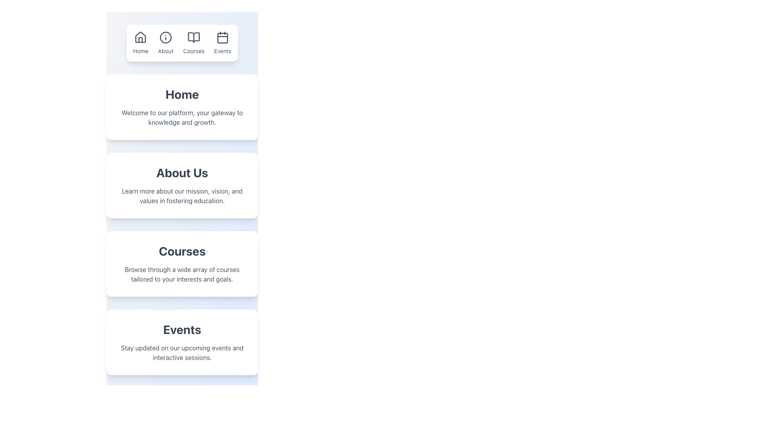  What do you see at coordinates (223, 51) in the screenshot?
I see `the 'Events' Text label in the navigation bar, which is positioned under the calendar icon and is the fourth item in the navigation sequence` at bounding box center [223, 51].